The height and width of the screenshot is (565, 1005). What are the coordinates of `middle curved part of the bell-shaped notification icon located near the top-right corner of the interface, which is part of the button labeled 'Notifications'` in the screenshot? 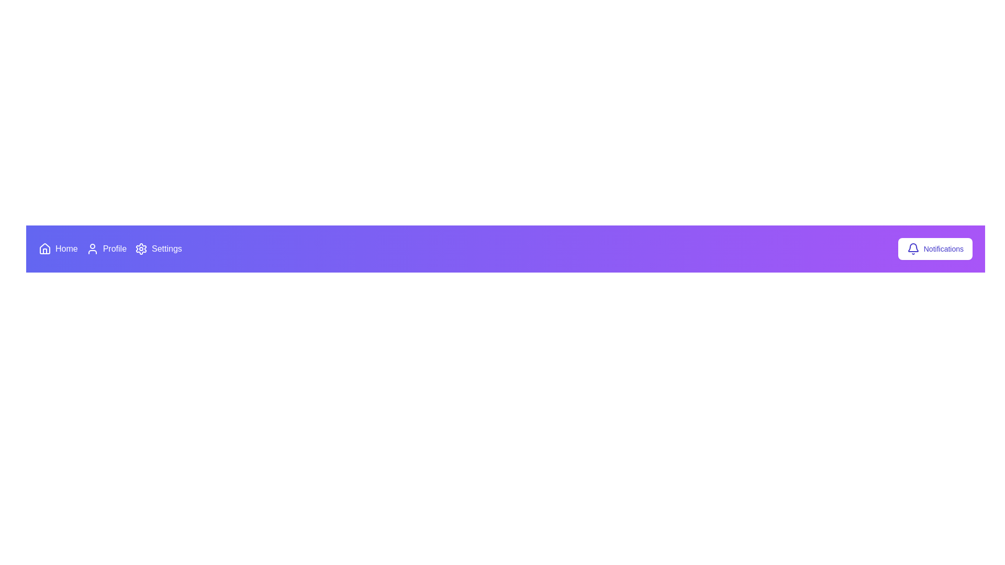 It's located at (912, 247).